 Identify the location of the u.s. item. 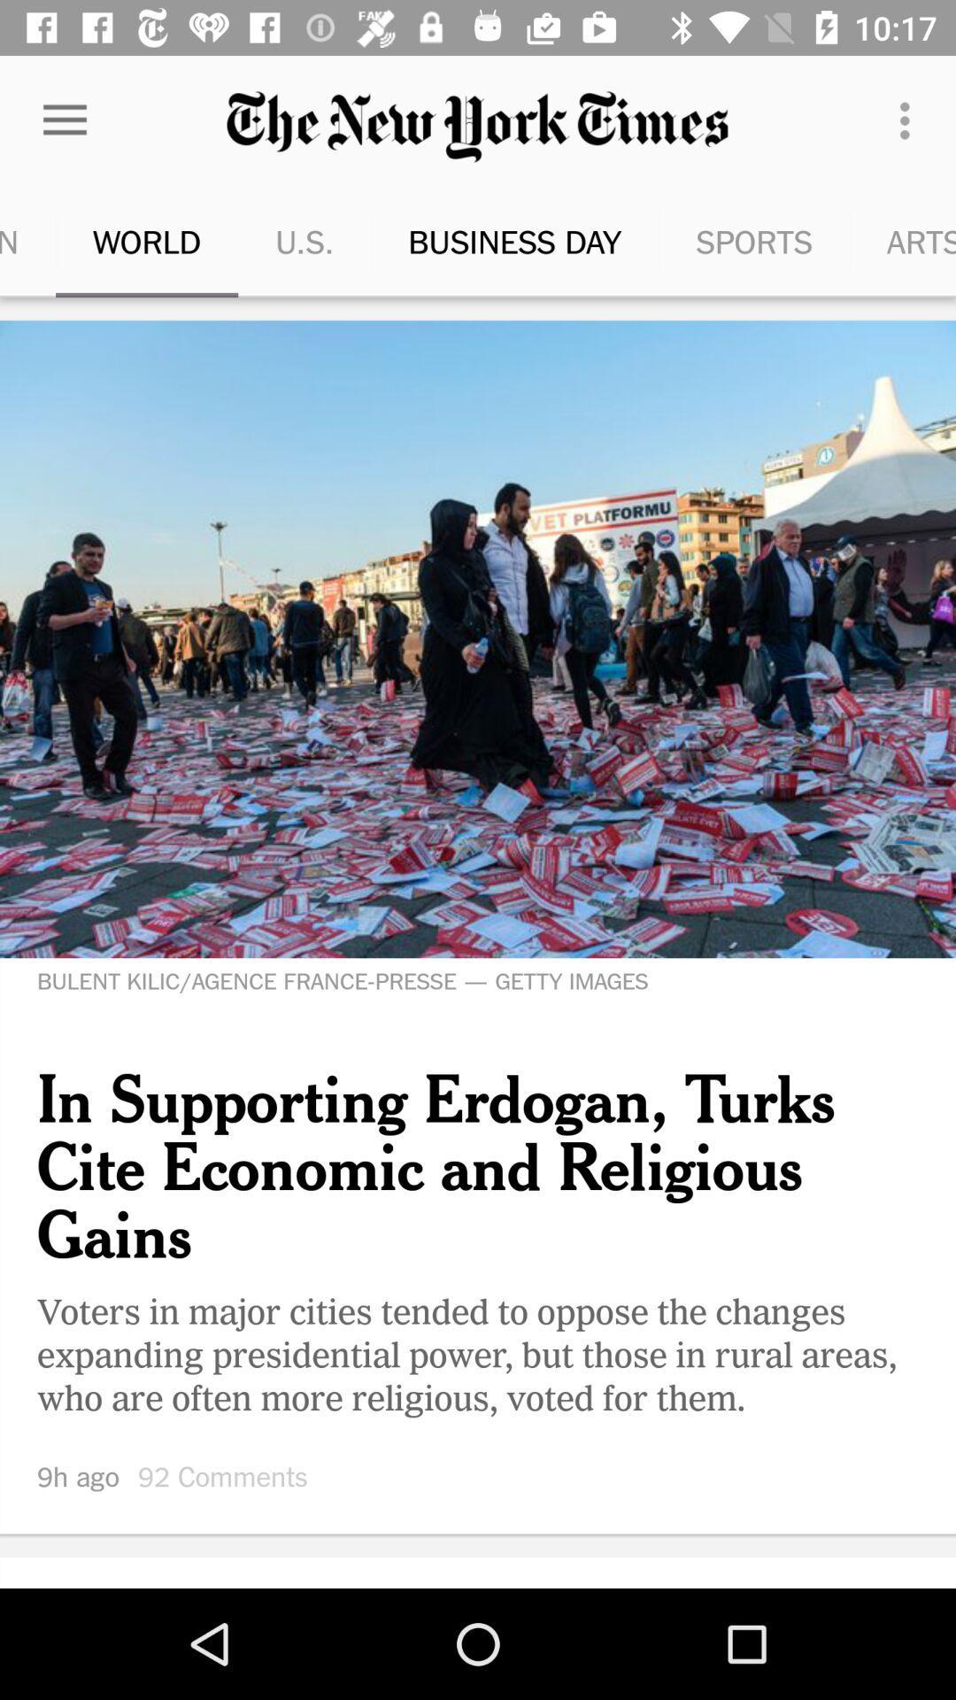
(259, 241).